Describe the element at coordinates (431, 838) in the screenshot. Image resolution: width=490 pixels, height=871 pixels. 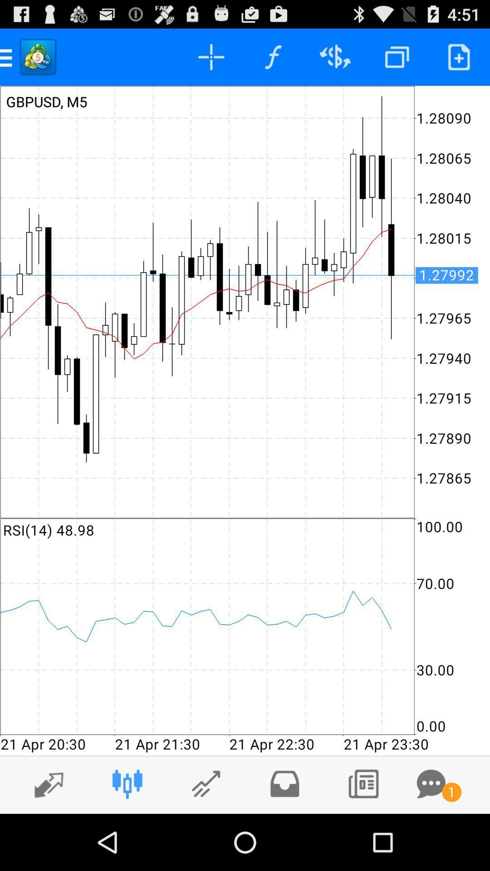
I see `the chat icon` at that location.